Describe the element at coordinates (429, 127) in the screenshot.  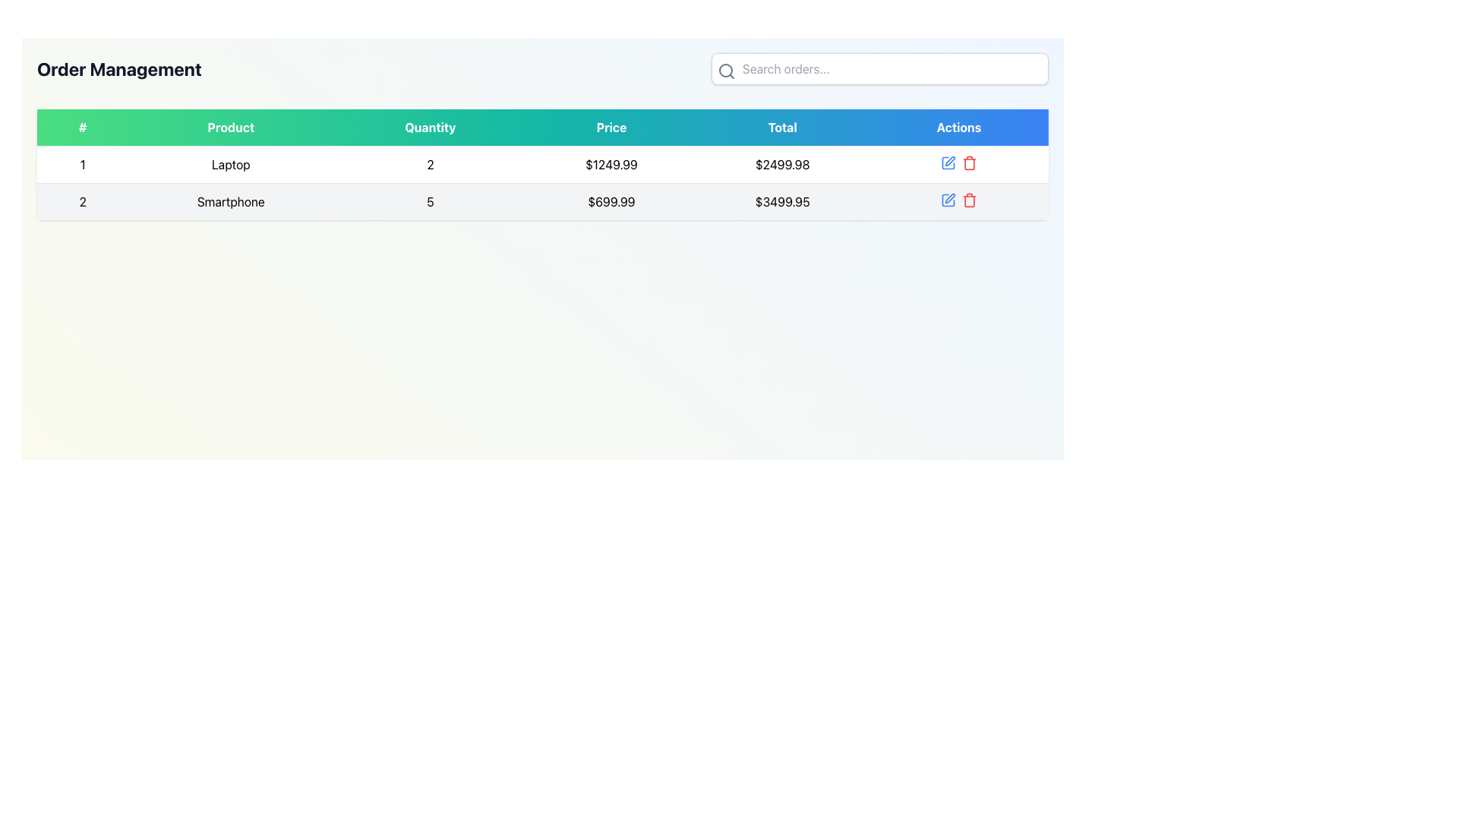
I see `the third header of the table which indicates the quantity column, located between the 'Product' and 'Price' headers` at that location.